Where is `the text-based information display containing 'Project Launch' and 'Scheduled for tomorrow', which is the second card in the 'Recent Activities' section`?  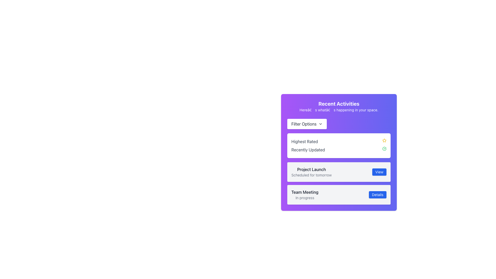
the text-based information display containing 'Project Launch' and 'Scheduled for tomorrow', which is the second card in the 'Recent Activities' section is located at coordinates (311, 172).